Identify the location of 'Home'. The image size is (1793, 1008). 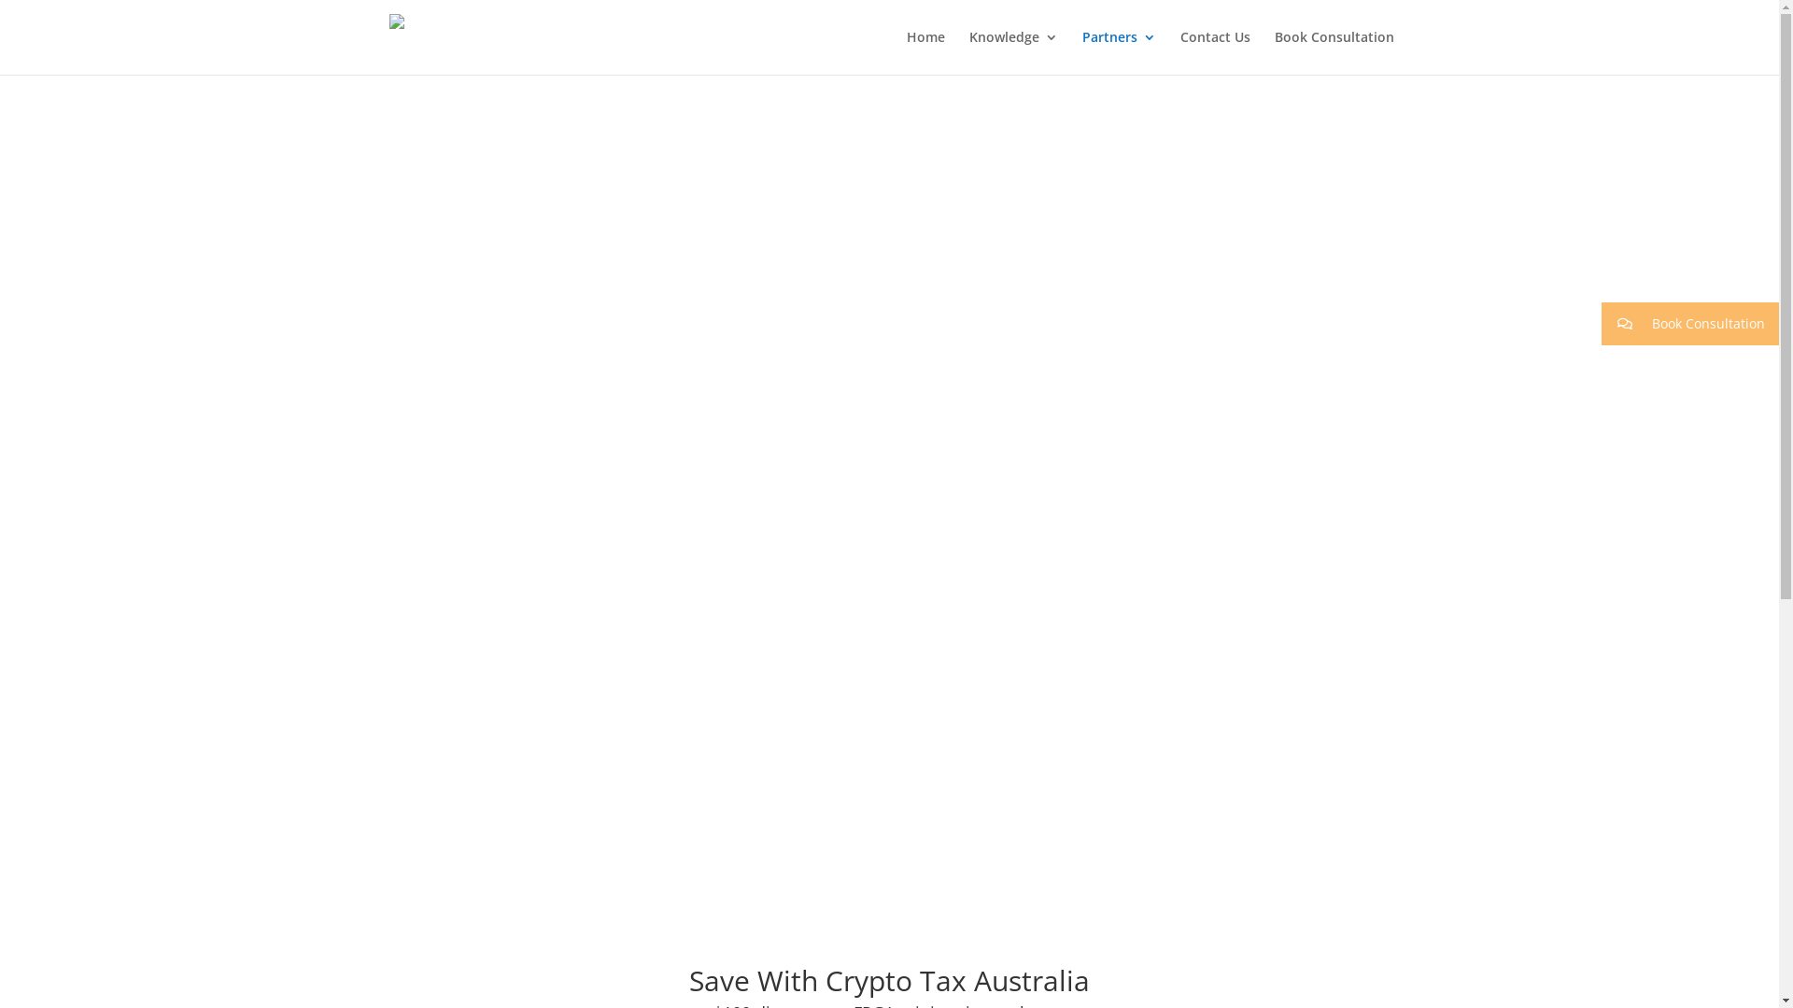
(905, 51).